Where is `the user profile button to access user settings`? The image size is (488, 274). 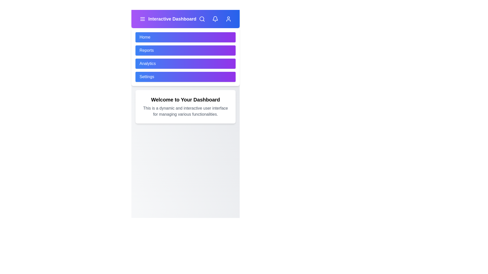 the user profile button to access user settings is located at coordinates (228, 19).